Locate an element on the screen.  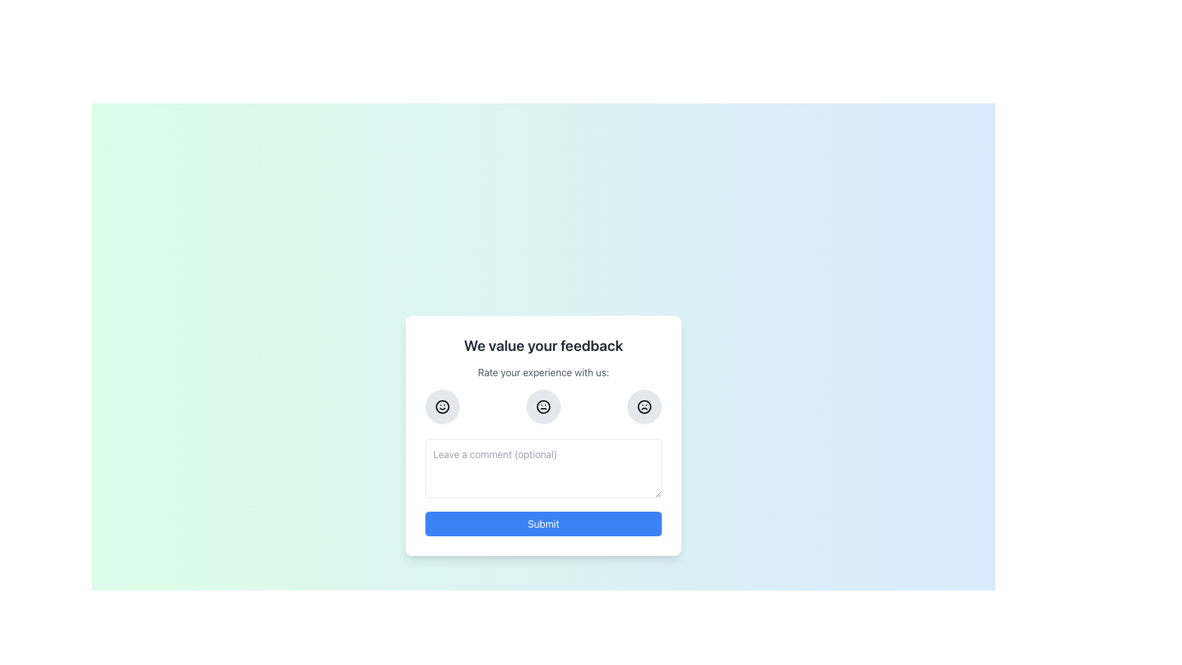
the feedback icon representing a neutral or satisfied response located at the center of the feedback dialog box is located at coordinates (443, 406).